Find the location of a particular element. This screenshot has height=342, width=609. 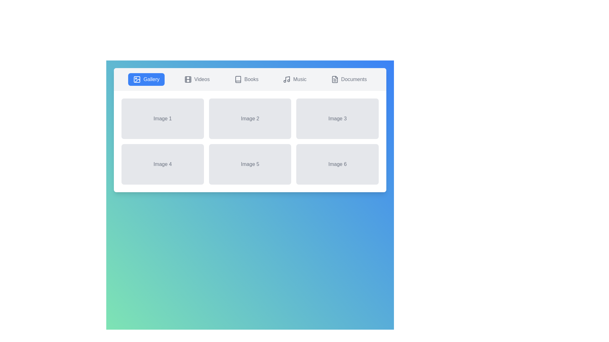

the 'Books' icon in the top navigation bar is located at coordinates (238, 79).